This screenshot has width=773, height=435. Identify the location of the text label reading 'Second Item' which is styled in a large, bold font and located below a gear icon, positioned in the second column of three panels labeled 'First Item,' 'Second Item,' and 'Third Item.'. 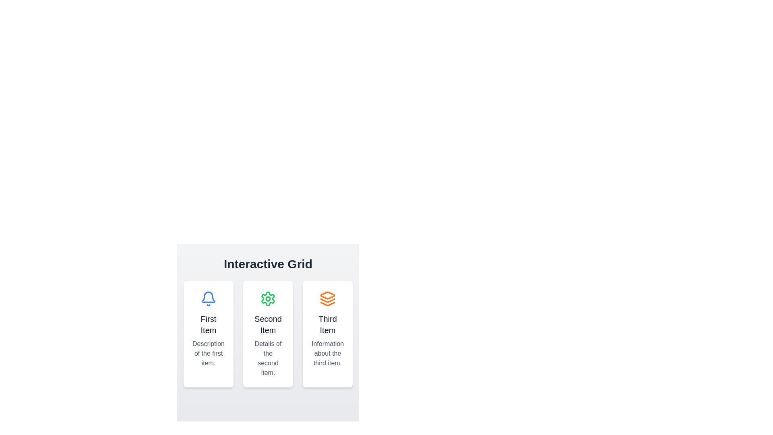
(268, 324).